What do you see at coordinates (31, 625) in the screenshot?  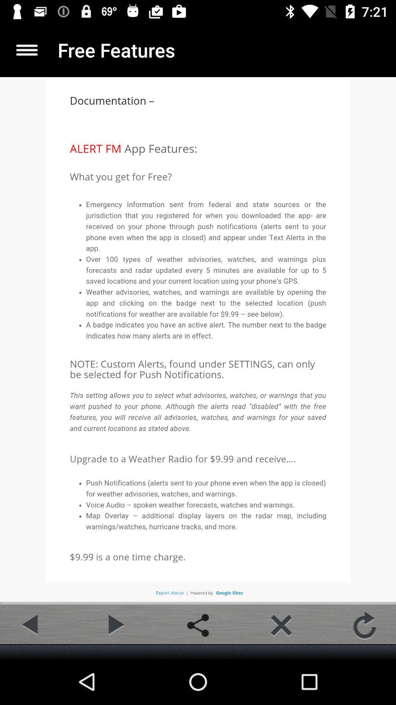 I see `previous` at bounding box center [31, 625].